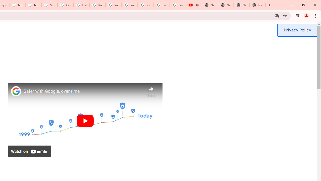 The width and height of the screenshot is (321, 181). I want to click on 'Control your music, videos, and more', so click(297, 15).